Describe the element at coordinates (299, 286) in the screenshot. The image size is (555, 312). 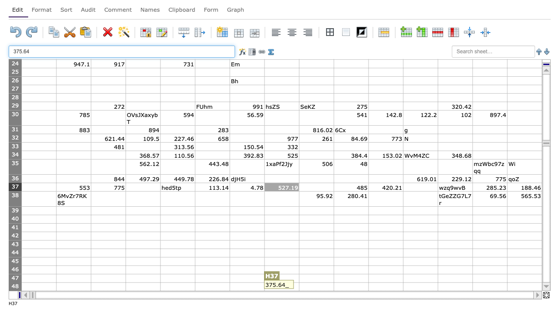
I see `Left border of cell I-48` at that location.